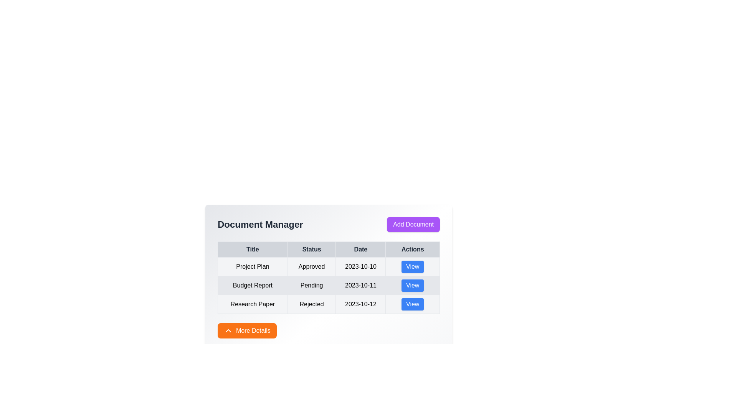 This screenshot has height=414, width=737. What do you see at coordinates (412, 285) in the screenshot?
I see `the blue rectangular button labeled 'View', which is positioned in the last column of the second row under the 'Actions' header` at bounding box center [412, 285].